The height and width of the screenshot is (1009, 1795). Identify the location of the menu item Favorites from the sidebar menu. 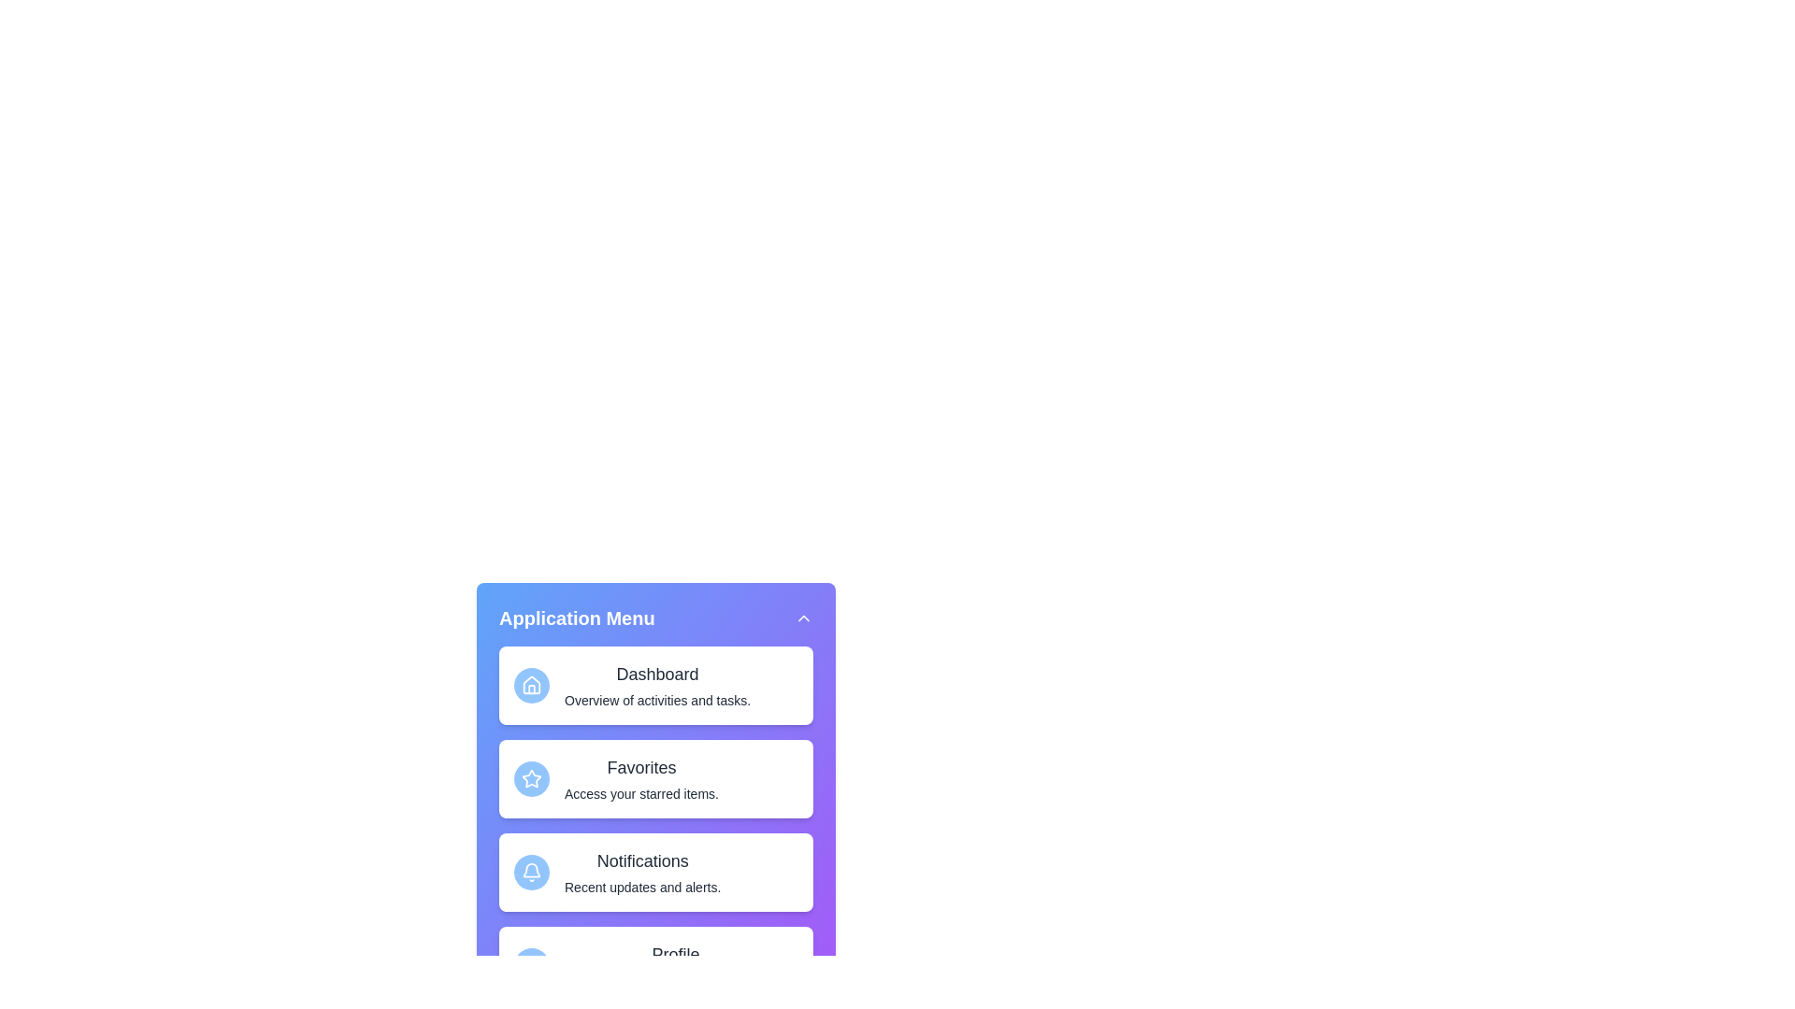
(655, 778).